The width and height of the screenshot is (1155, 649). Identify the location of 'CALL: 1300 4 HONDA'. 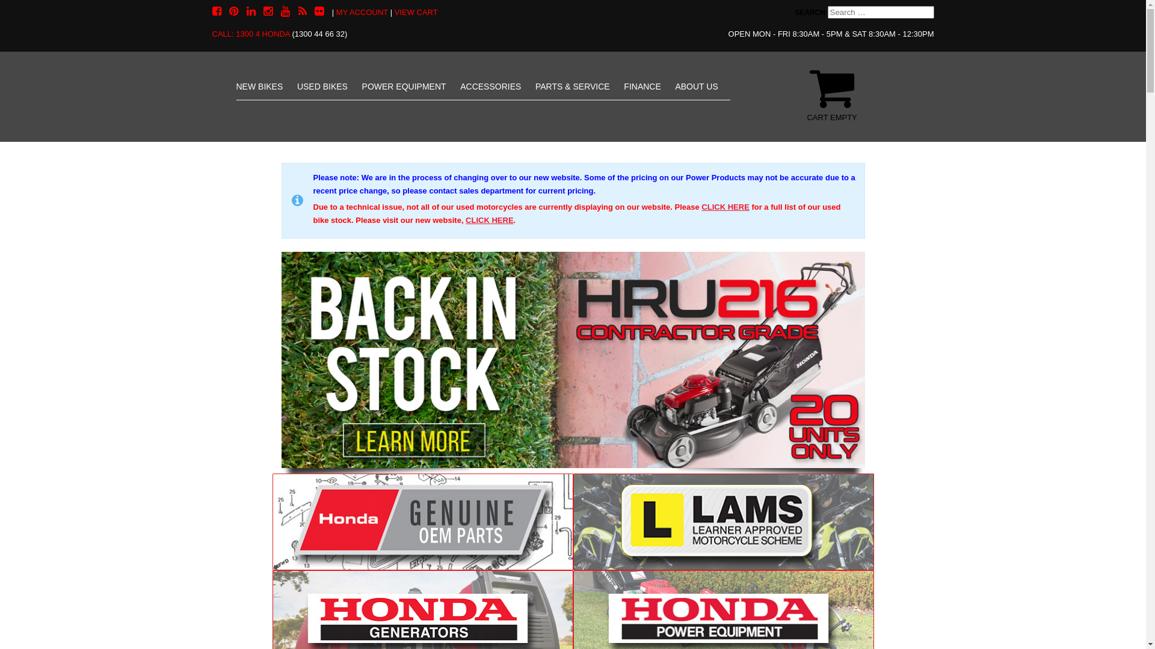
(250, 32).